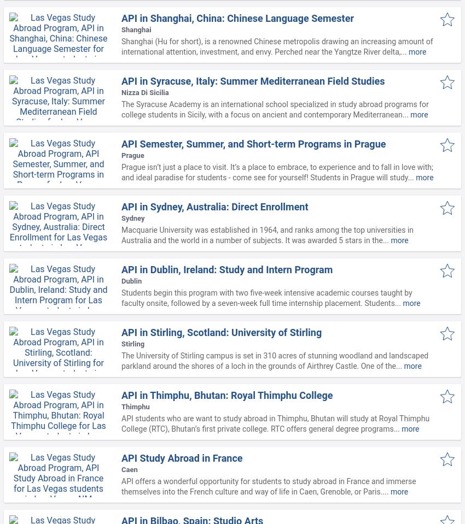 This screenshot has width=465, height=524. Describe the element at coordinates (275, 361) in the screenshot. I see `'The University of Stirling campus is set in 310 acres of stunning woodland and landscaped parkland around the shores of a loch in the grounds of Airthrey Castle. One of the...'` at that location.